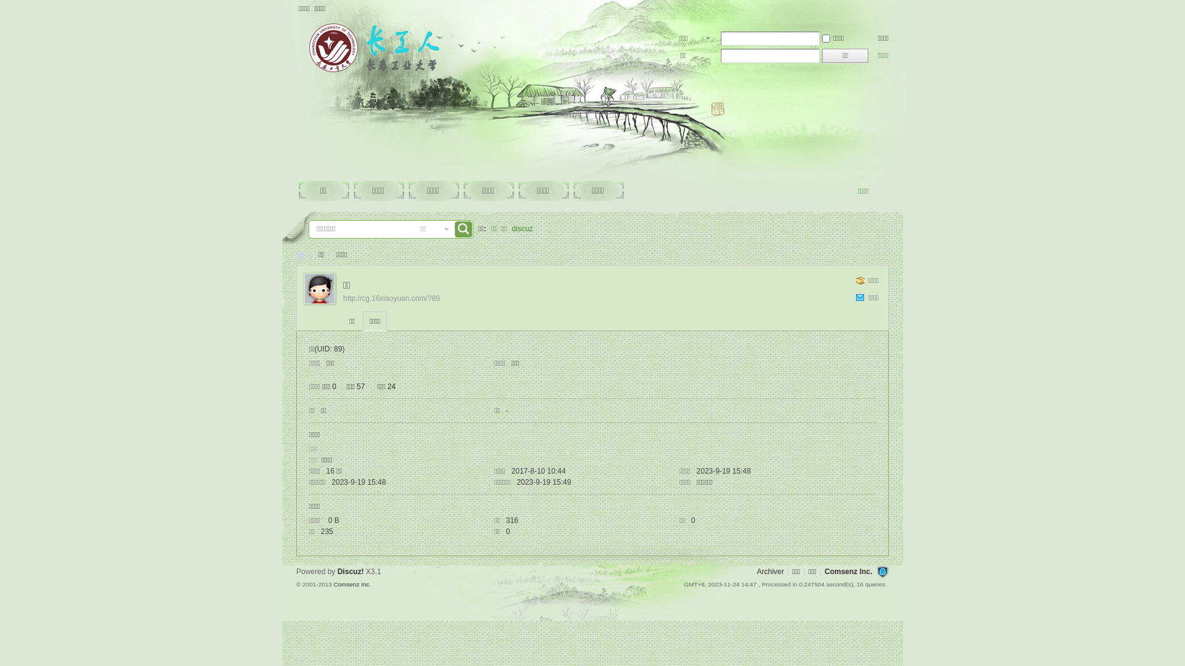 The height and width of the screenshot is (666, 1185). Describe the element at coordinates (512, 229) in the screenshot. I see `'discuz'` at that location.